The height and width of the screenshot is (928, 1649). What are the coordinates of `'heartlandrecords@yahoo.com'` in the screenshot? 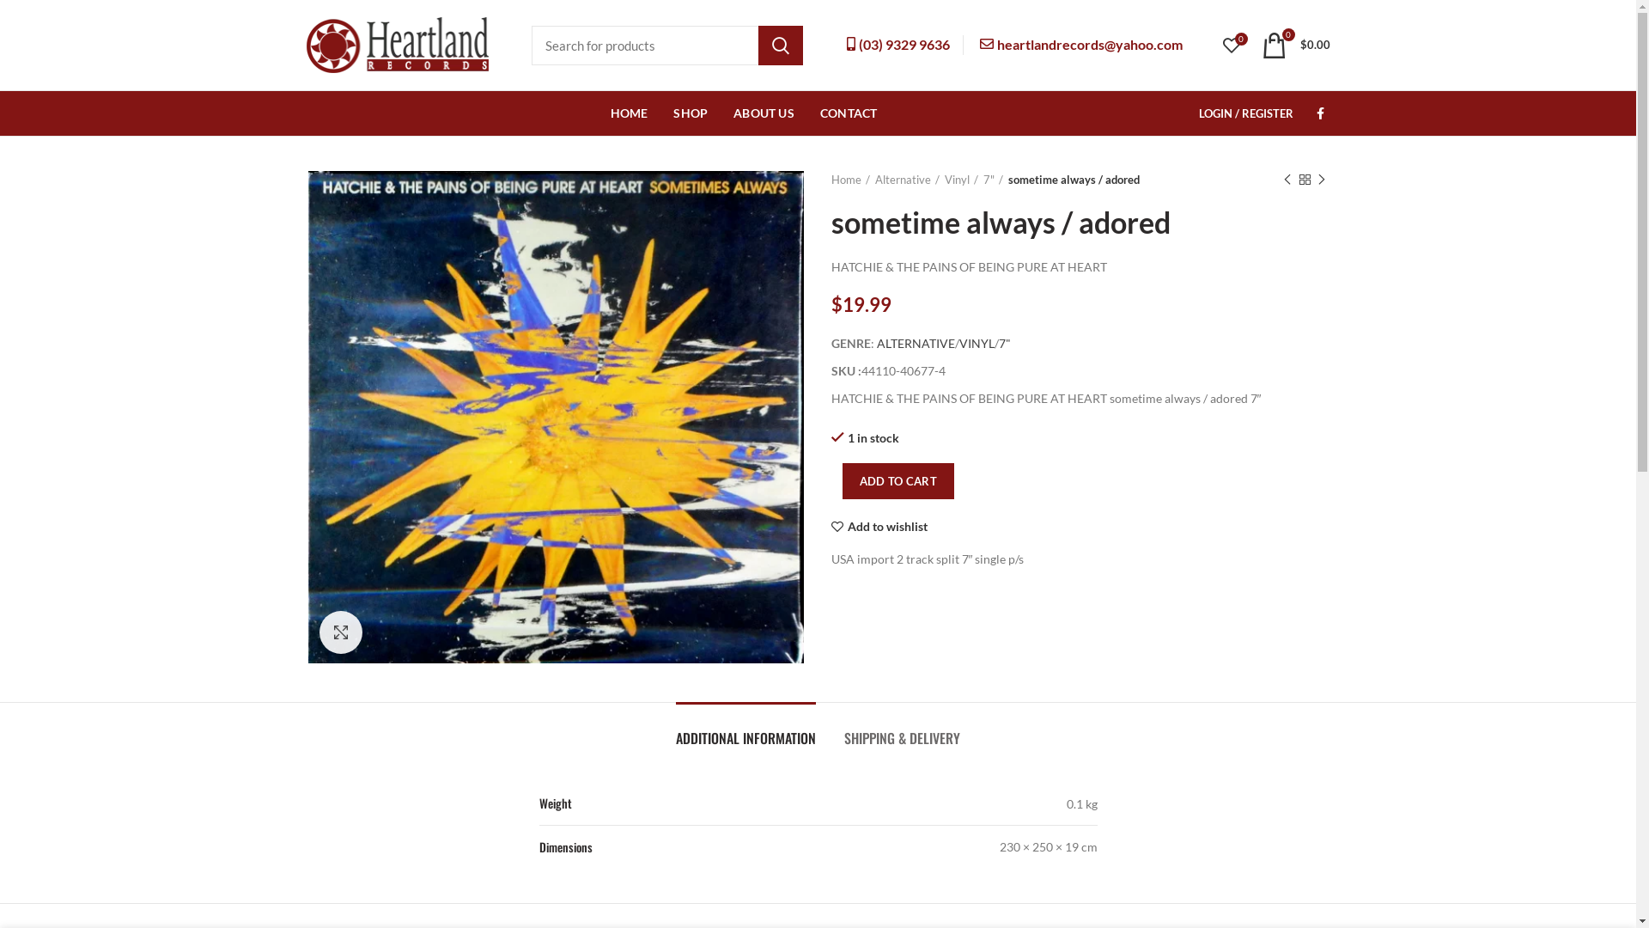 It's located at (1080, 43).